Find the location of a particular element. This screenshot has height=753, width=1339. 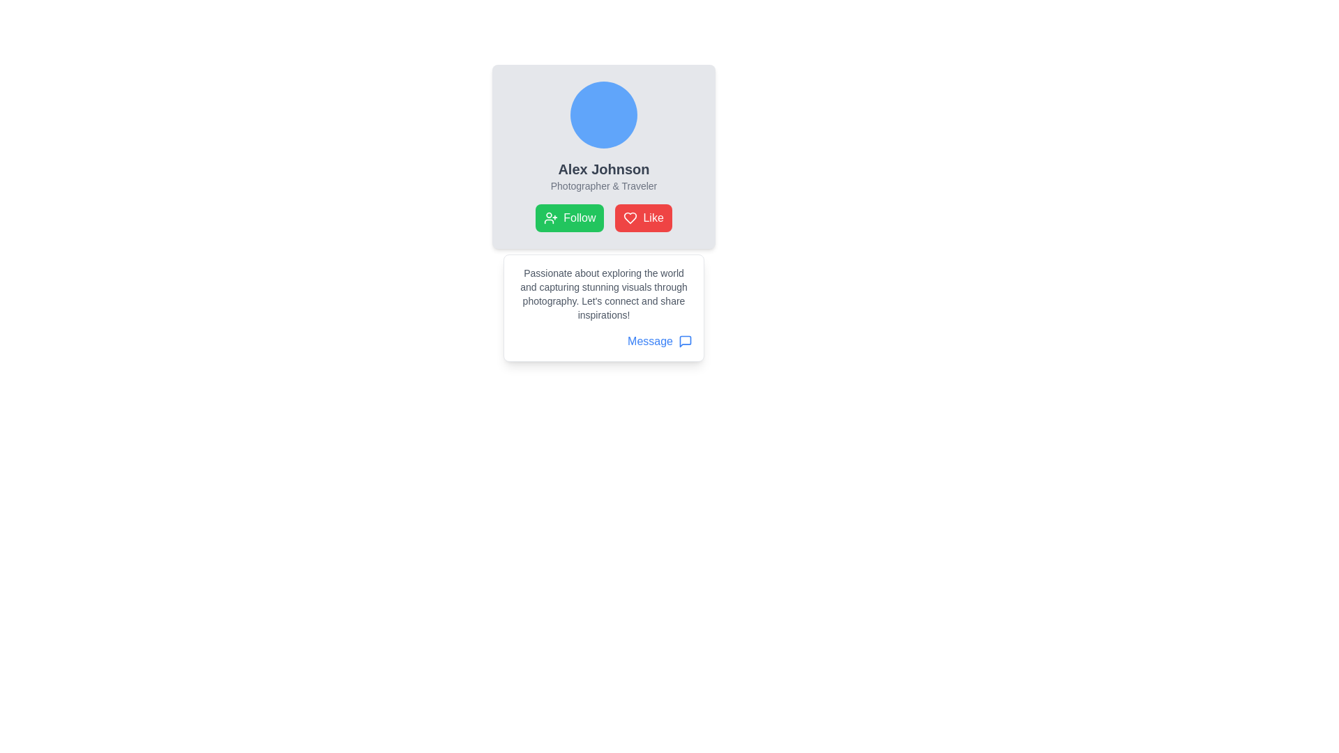

the group of interactive buttons located below the name and description in the profile card structure is located at coordinates (603, 218).